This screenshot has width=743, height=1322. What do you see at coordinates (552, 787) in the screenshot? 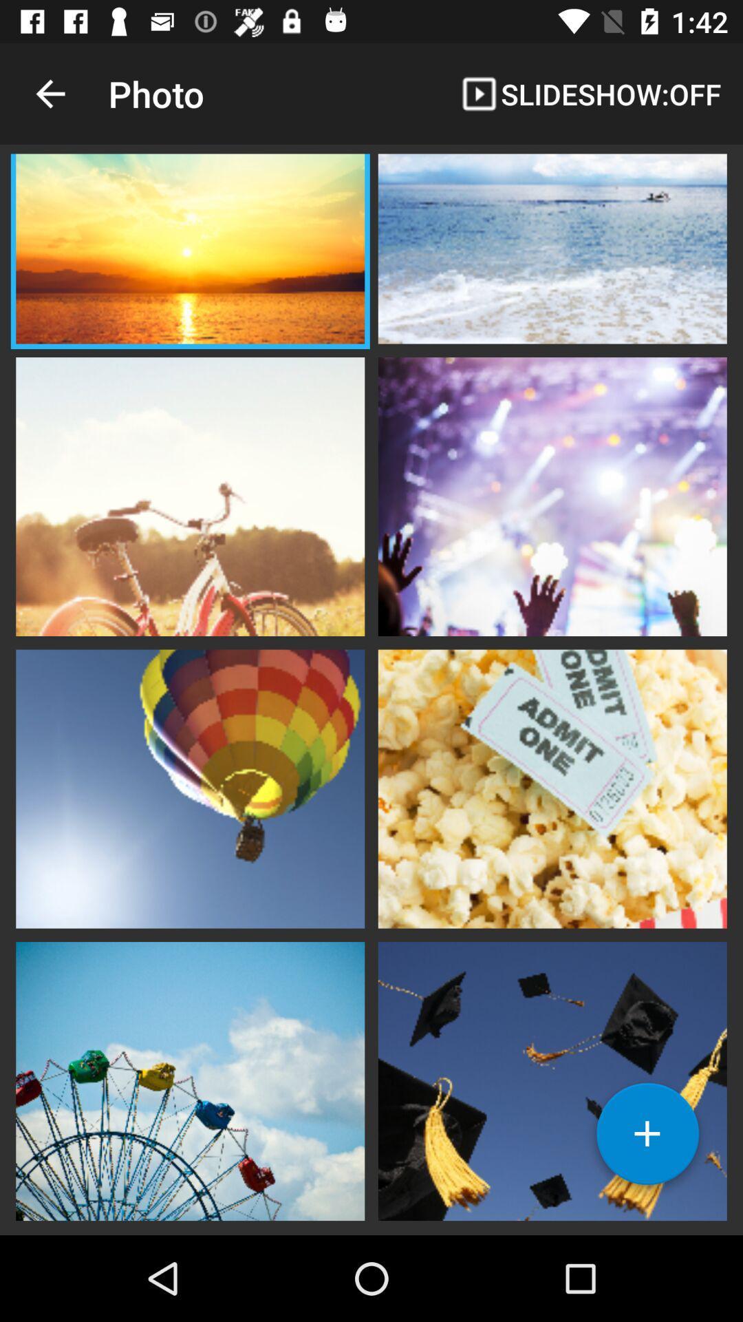
I see `the image` at bounding box center [552, 787].